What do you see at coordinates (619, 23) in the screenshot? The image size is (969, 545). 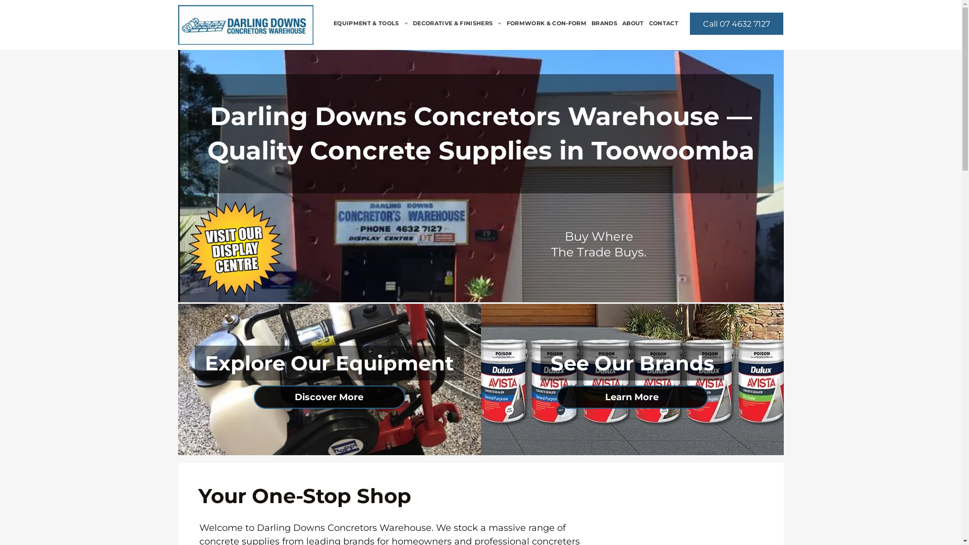 I see `'ABOUT'` at bounding box center [619, 23].